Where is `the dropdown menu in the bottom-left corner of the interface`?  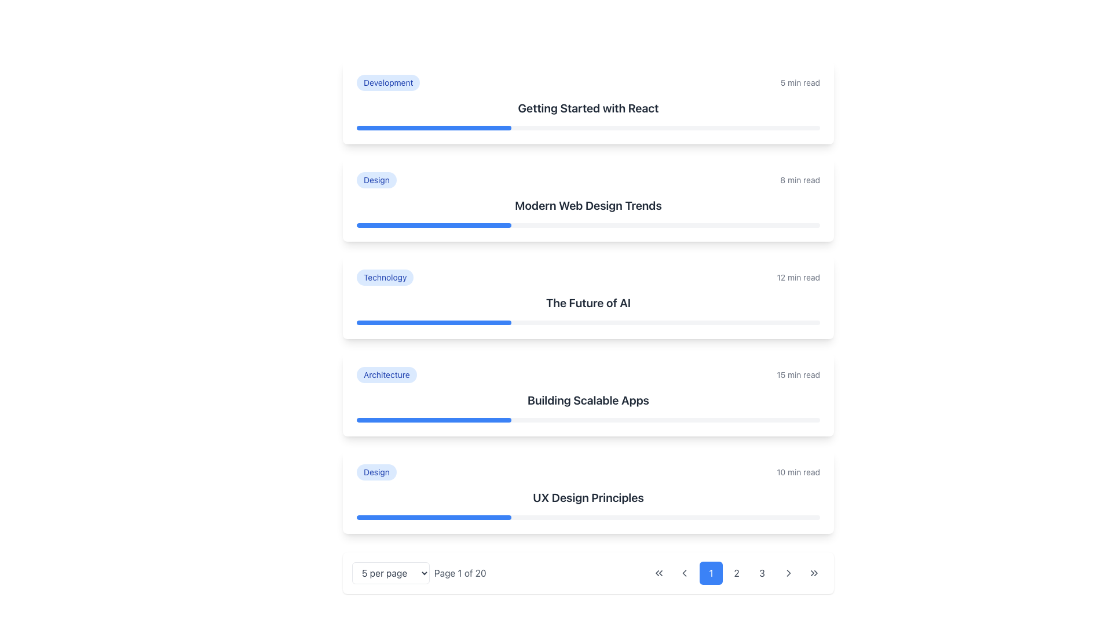
the dropdown menu in the bottom-left corner of the interface is located at coordinates (418, 572).